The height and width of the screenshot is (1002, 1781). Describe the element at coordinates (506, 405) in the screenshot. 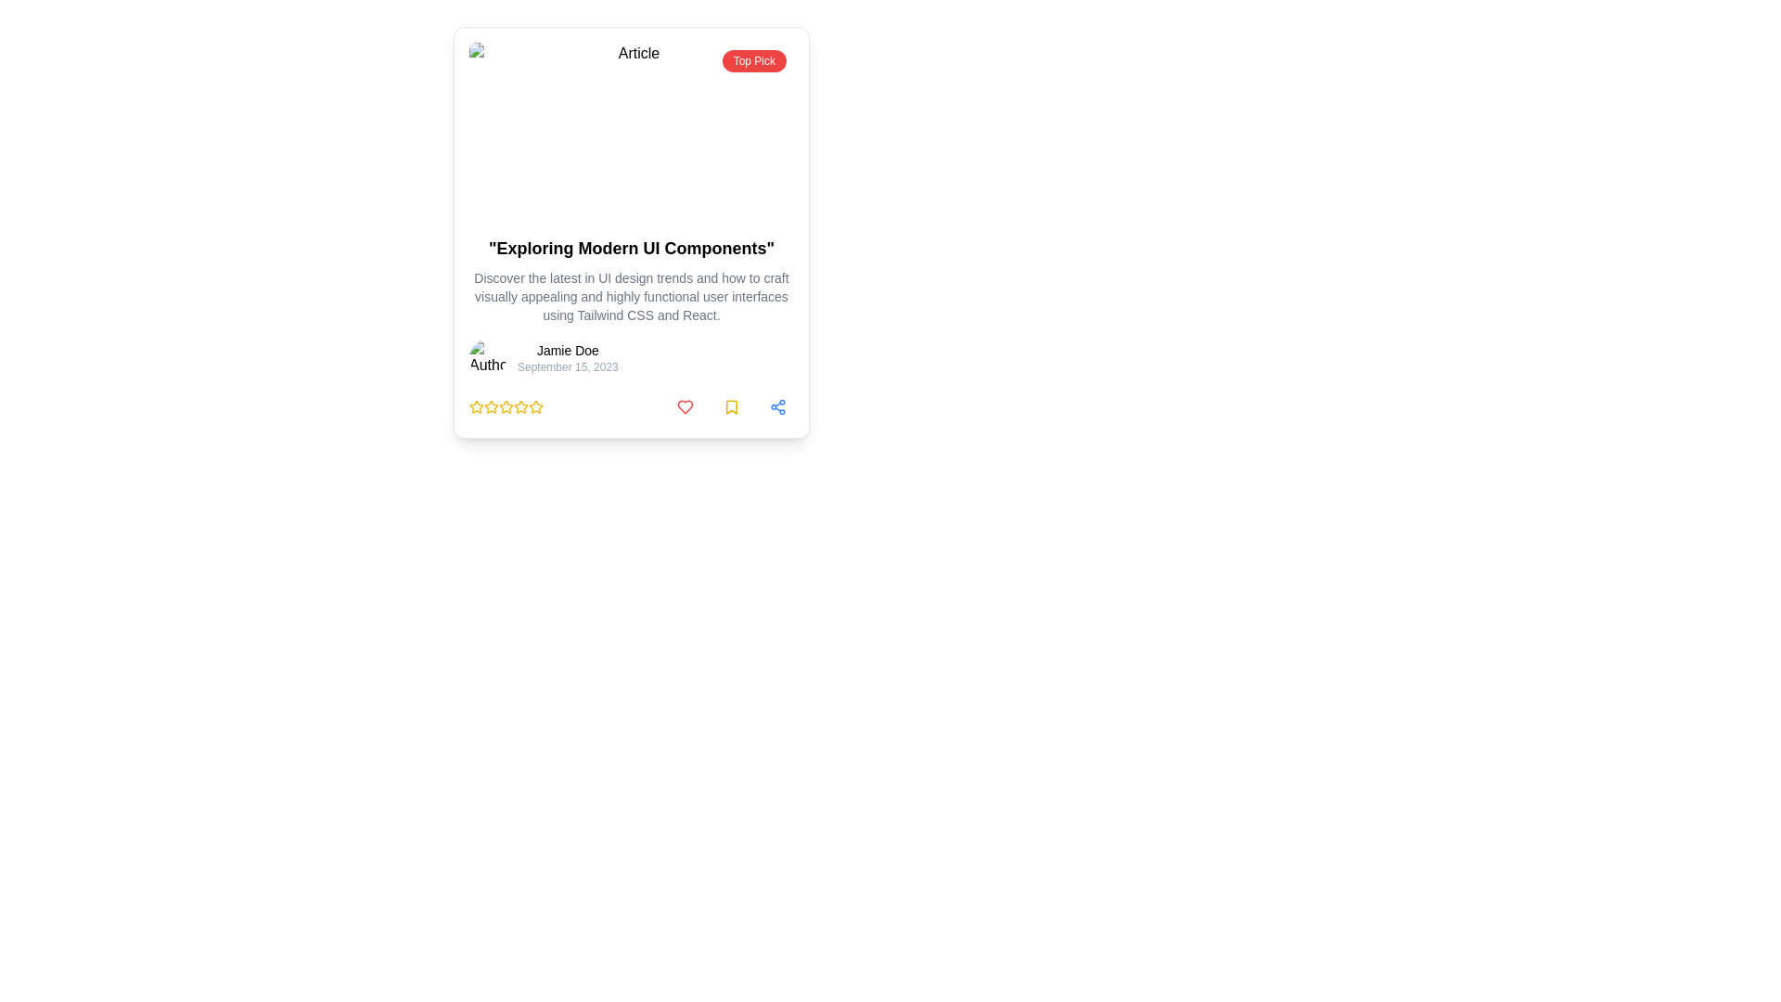

I see `the third star icon in the rating system located below the article title and author information` at that location.